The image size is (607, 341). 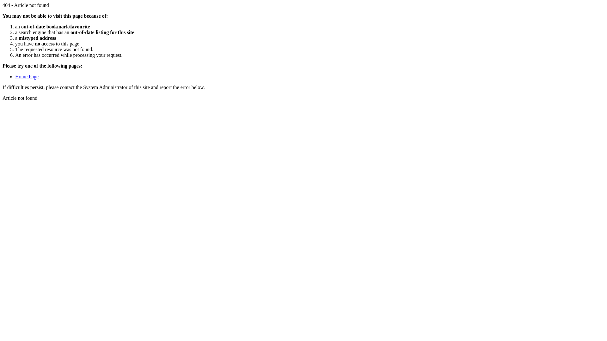 What do you see at coordinates (27, 76) in the screenshot?
I see `'Home Page'` at bounding box center [27, 76].